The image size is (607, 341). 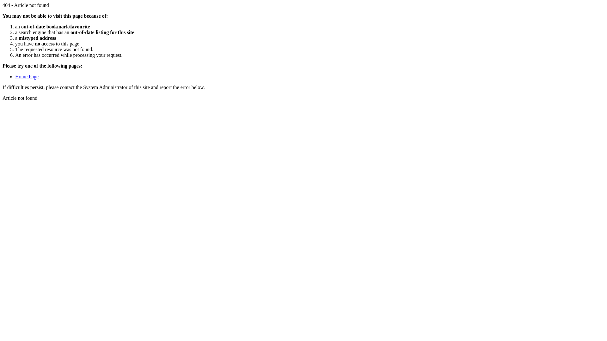 What do you see at coordinates (27, 76) in the screenshot?
I see `'Home Page'` at bounding box center [27, 76].